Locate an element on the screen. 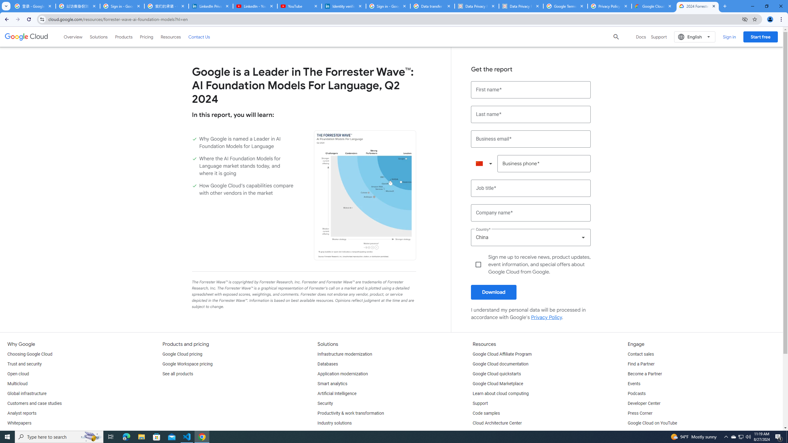  'Databases' is located at coordinates (327, 364).